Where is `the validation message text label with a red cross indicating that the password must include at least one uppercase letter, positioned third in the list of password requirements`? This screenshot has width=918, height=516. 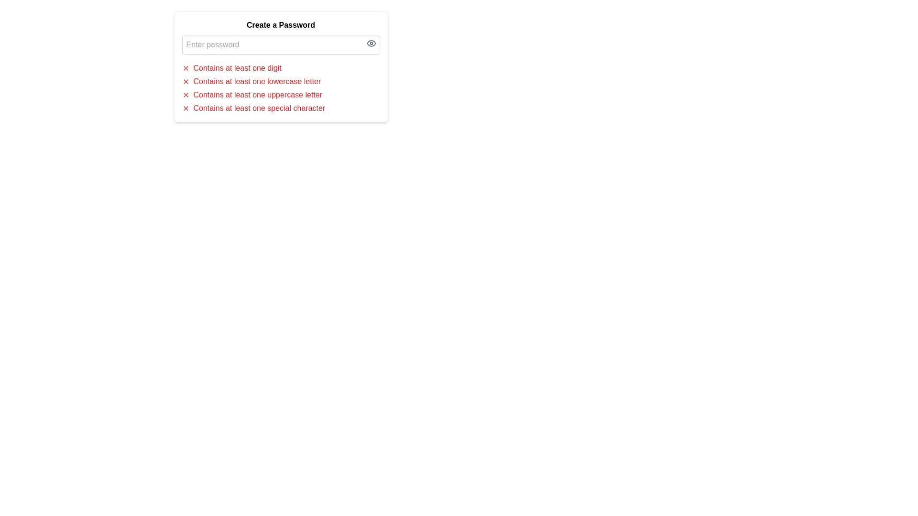 the validation message text label with a red cross indicating that the password must include at least one uppercase letter, positioned third in the list of password requirements is located at coordinates (280, 95).